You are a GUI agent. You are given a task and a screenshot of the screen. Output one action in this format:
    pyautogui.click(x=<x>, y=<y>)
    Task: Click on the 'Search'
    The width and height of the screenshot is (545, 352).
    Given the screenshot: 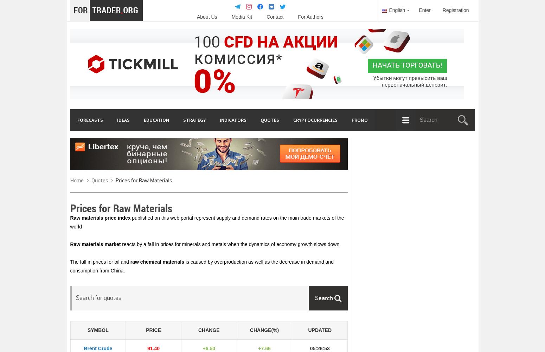 What is the action you would take?
    pyautogui.click(x=325, y=298)
    